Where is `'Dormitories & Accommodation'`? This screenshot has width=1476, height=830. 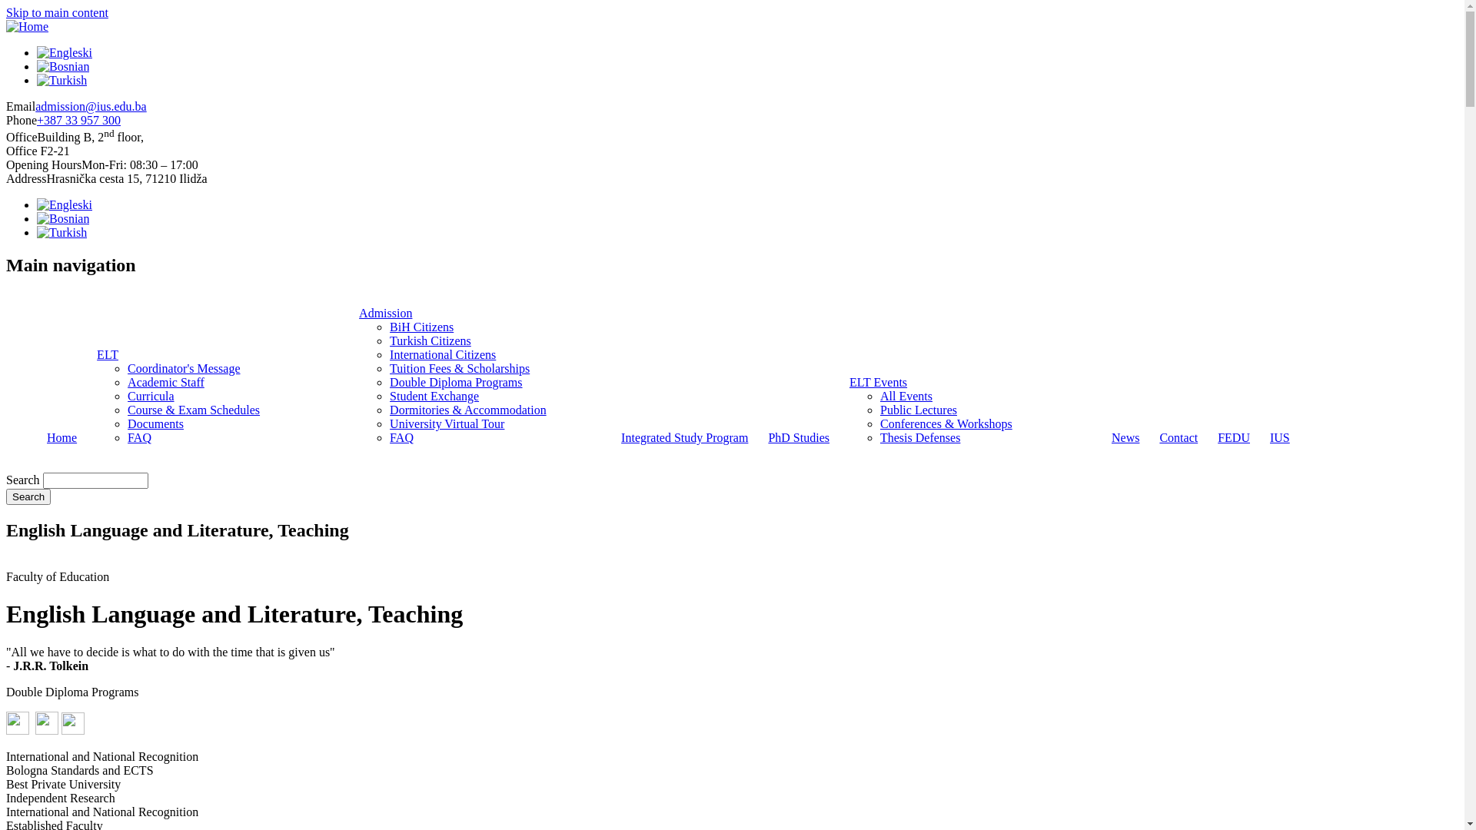 'Dormitories & Accommodation' is located at coordinates (467, 409).